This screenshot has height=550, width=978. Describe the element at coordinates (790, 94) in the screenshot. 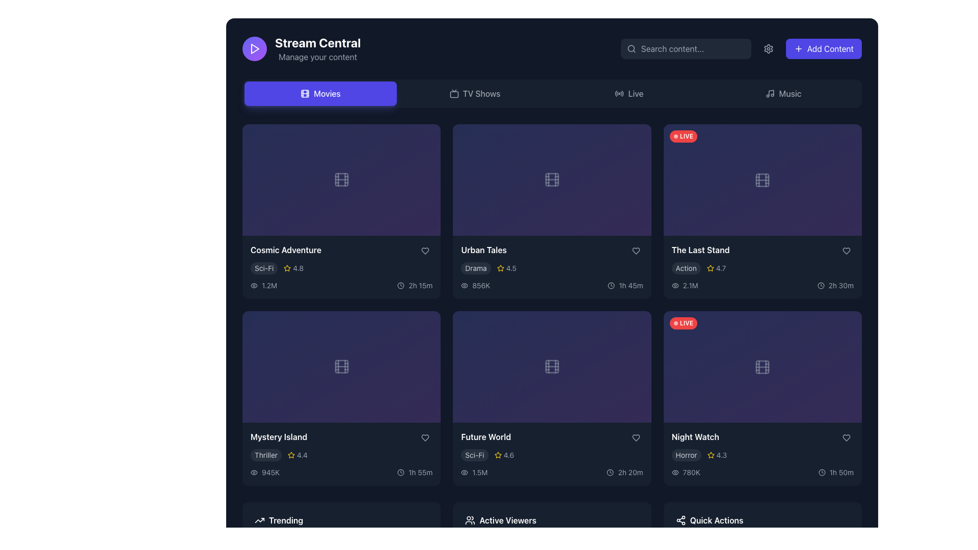

I see `on the 'Music' text label in the navigation bar, which is the rightmost text element displayed in a medium-weight font style with a grayish color against a dark background` at that location.